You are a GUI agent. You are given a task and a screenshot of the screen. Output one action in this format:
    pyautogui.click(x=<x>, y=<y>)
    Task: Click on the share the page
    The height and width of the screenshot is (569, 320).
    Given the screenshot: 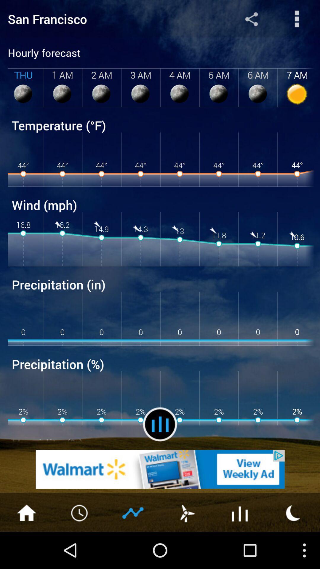 What is the action you would take?
    pyautogui.click(x=251, y=19)
    